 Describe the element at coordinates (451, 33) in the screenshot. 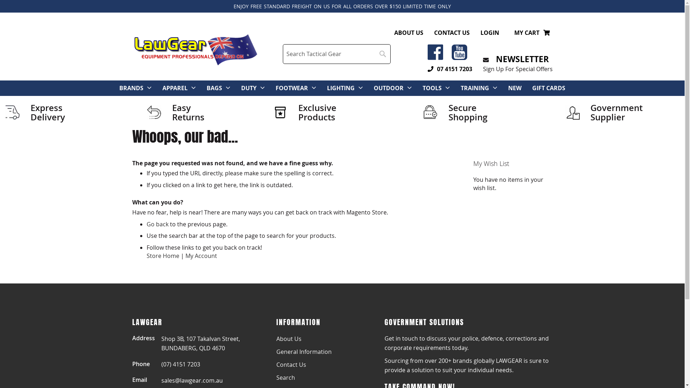

I see `'CONTACT US'` at that location.